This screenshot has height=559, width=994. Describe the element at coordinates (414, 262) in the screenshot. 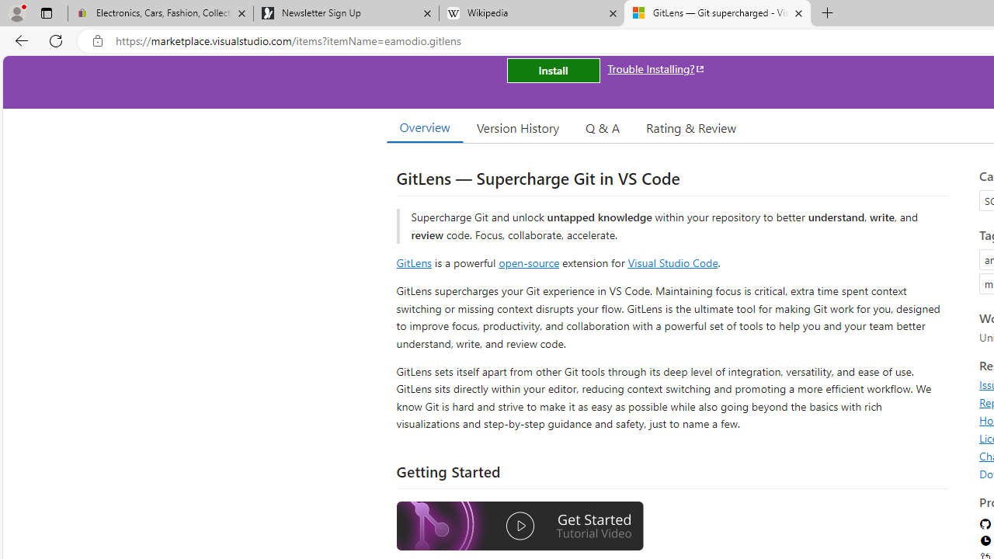

I see `'GitLens'` at that location.